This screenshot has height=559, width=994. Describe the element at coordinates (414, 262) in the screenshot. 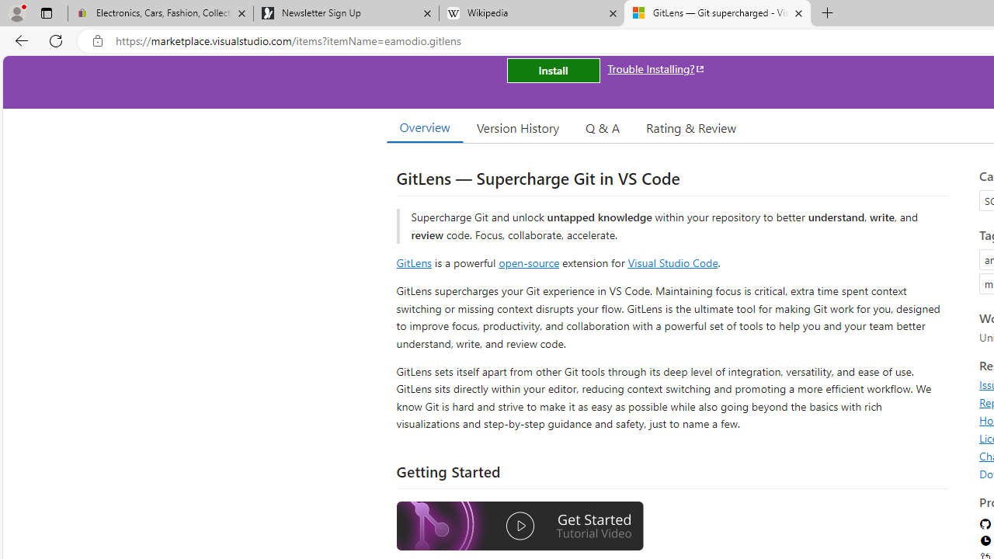

I see `'GitLens'` at that location.